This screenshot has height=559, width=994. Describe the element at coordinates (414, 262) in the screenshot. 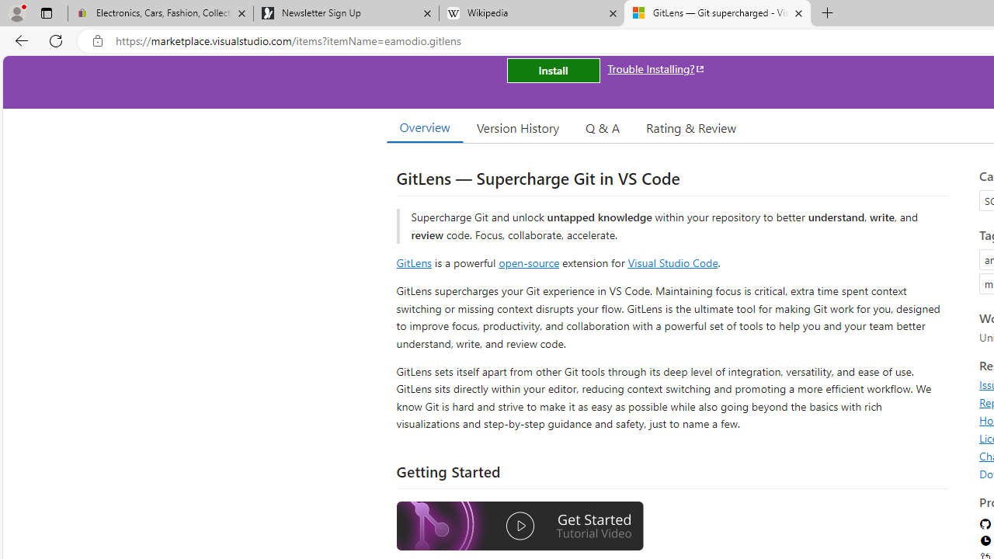

I see `'GitLens'` at that location.